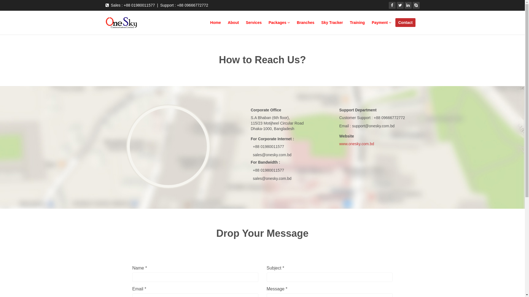  What do you see at coordinates (215, 22) in the screenshot?
I see `'Home'` at bounding box center [215, 22].